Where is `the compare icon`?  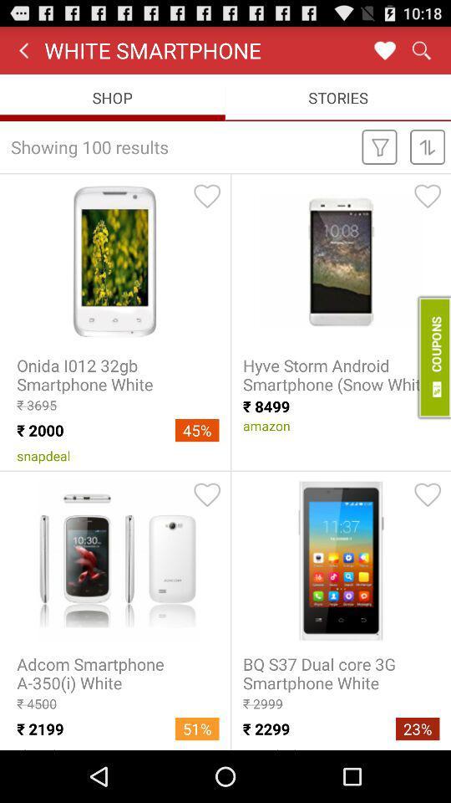 the compare icon is located at coordinates (428, 157).